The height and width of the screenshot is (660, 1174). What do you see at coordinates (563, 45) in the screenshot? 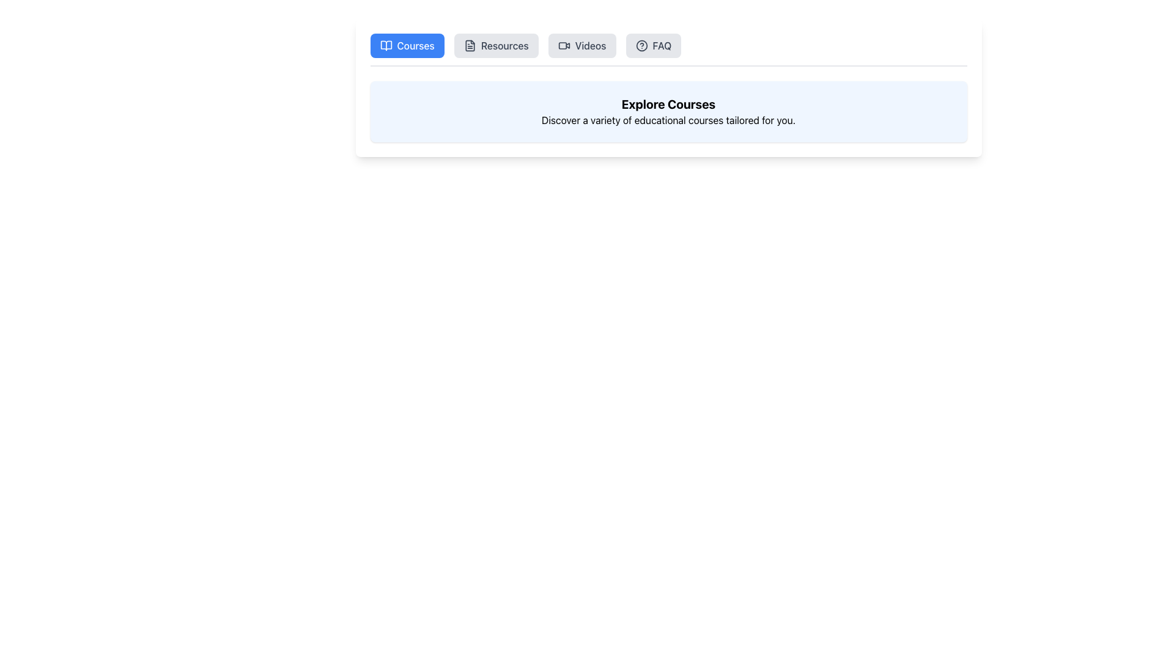
I see `the video icon located to the left of the 'Videos' button in the navigation bar` at bounding box center [563, 45].